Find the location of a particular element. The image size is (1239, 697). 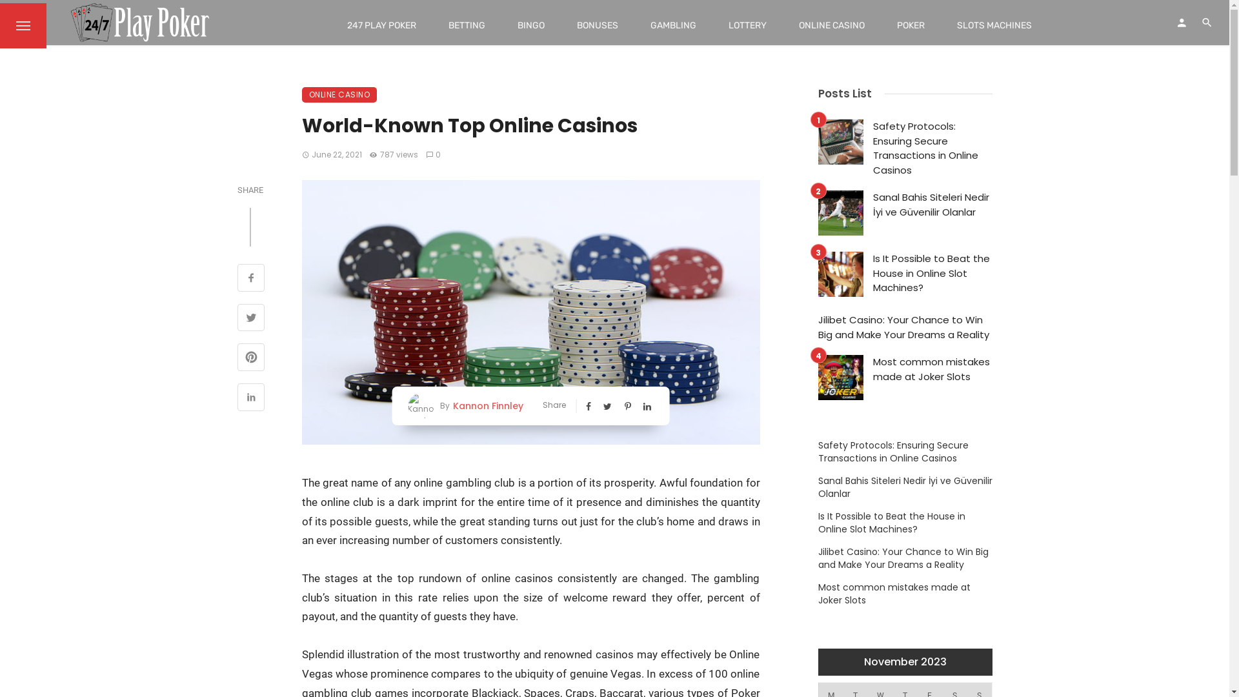

'GAMBLING' is located at coordinates (672, 25).